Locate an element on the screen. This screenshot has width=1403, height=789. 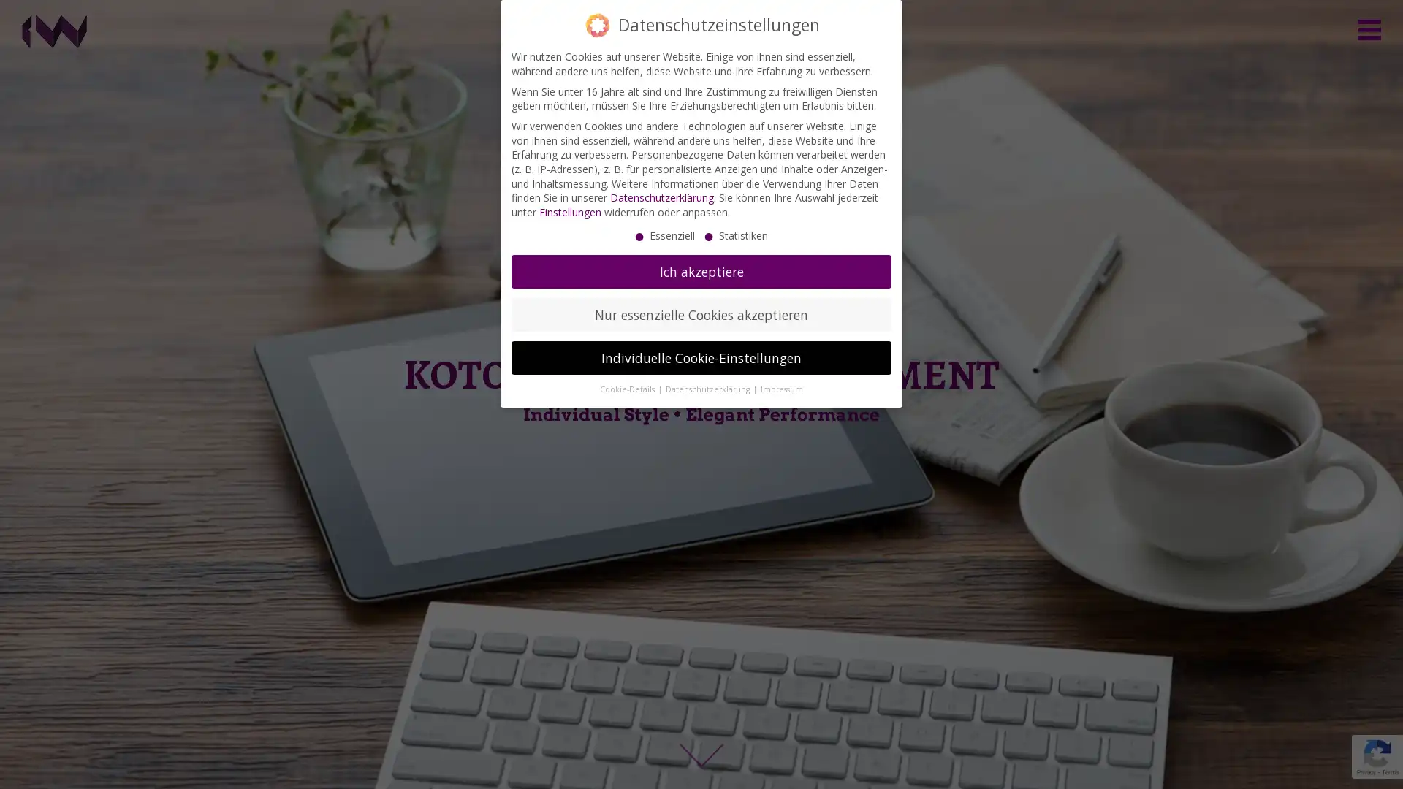
Einstellungen speichern & schlieen is located at coordinates (719, 622).